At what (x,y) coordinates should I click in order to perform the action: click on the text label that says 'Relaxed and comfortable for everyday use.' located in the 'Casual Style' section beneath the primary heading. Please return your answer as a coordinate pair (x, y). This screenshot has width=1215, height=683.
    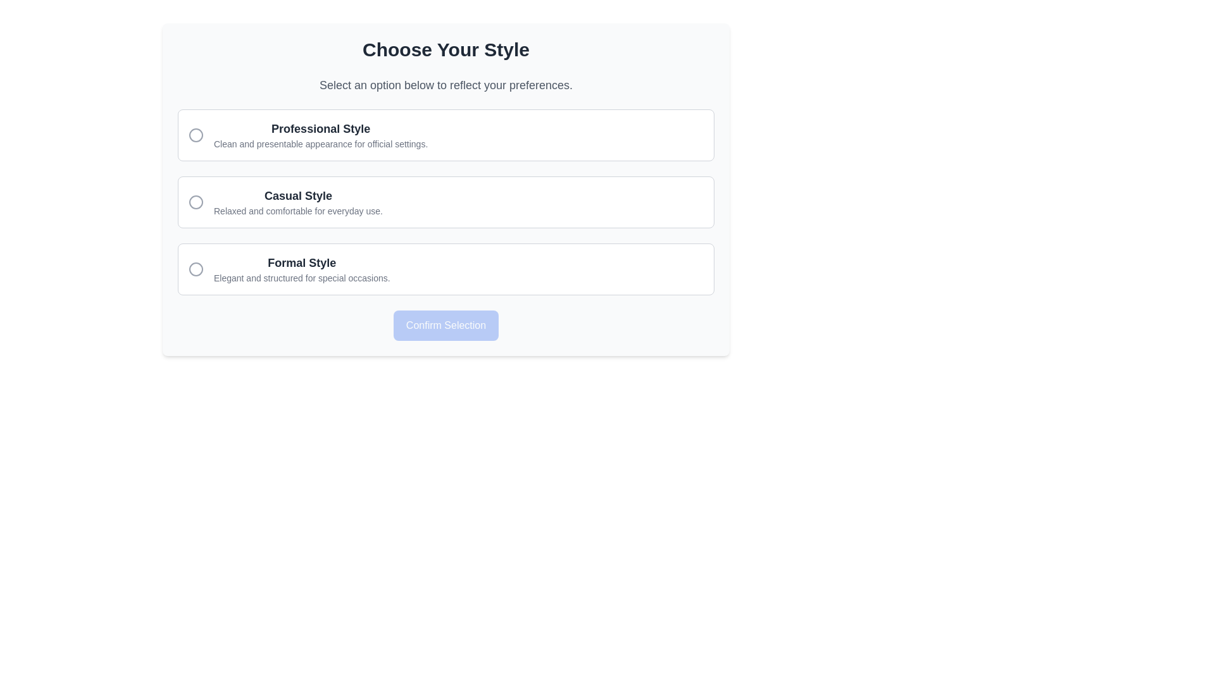
    Looking at the image, I should click on (297, 211).